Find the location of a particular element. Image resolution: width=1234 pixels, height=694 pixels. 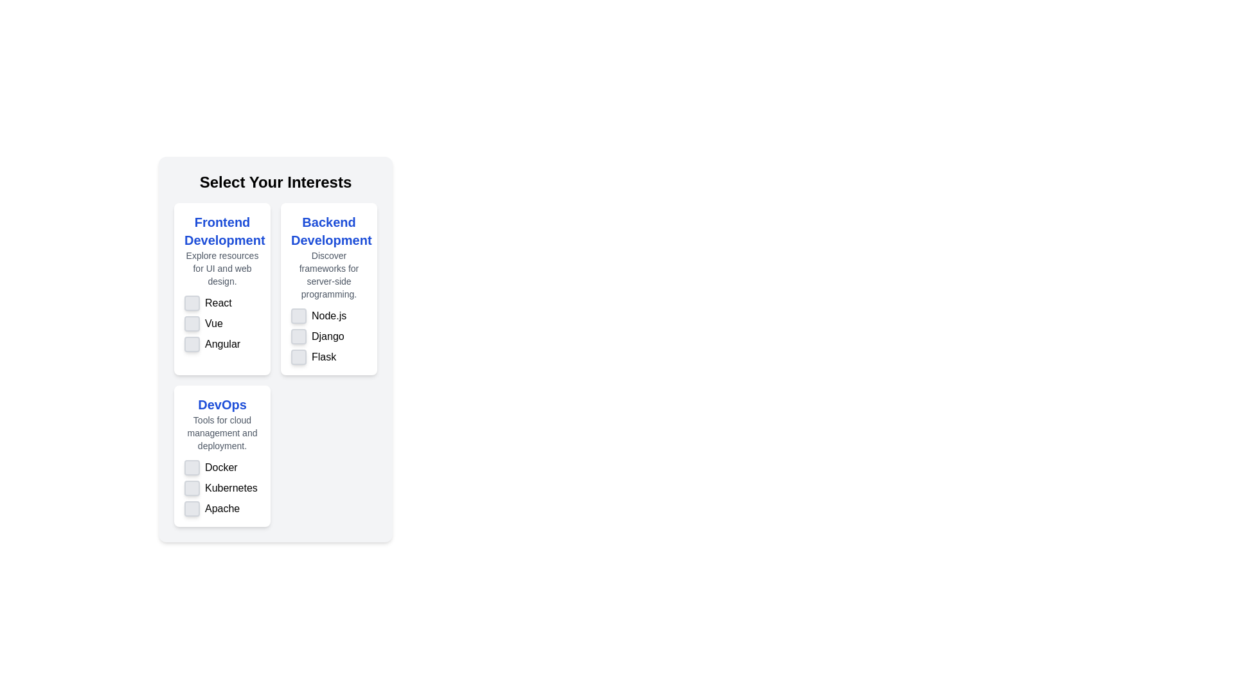

the checkbox for 'Angular' under the 'Frontend Development' category to observe any hover effects is located at coordinates (191, 344).